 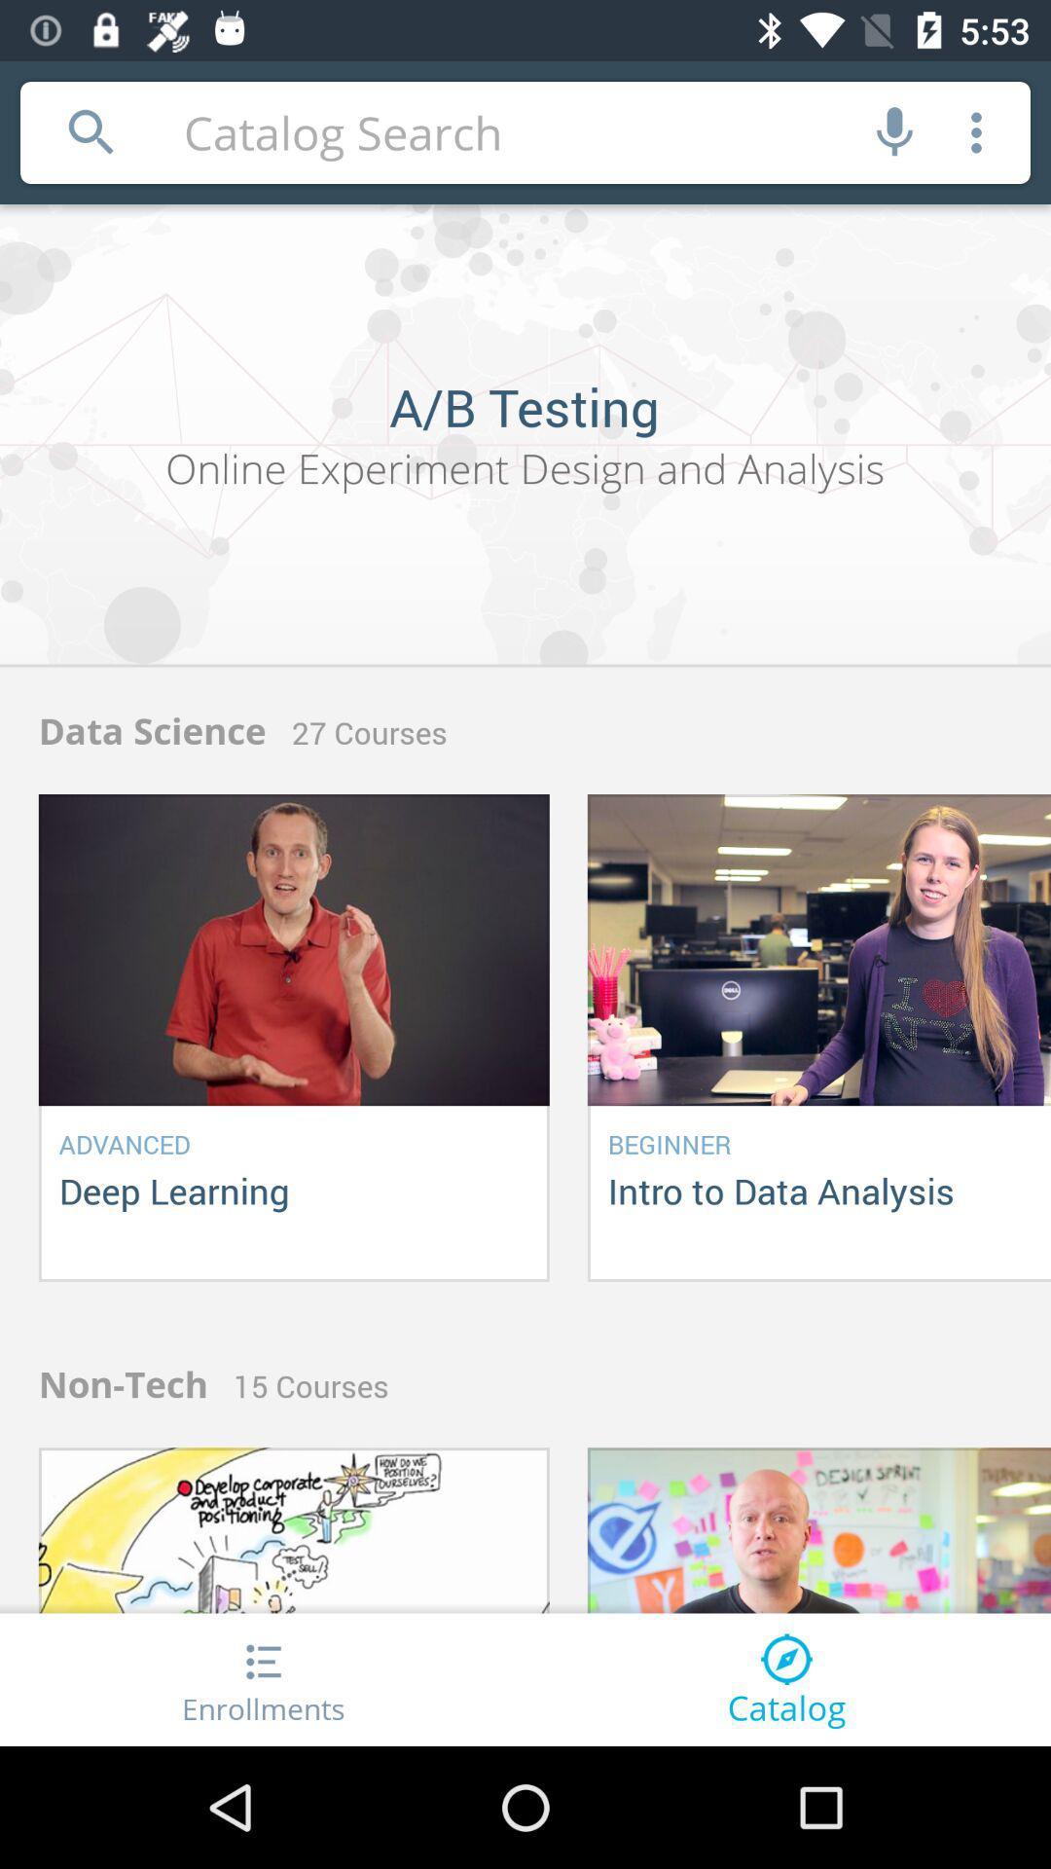 What do you see at coordinates (894, 131) in the screenshot?
I see `use voice search` at bounding box center [894, 131].